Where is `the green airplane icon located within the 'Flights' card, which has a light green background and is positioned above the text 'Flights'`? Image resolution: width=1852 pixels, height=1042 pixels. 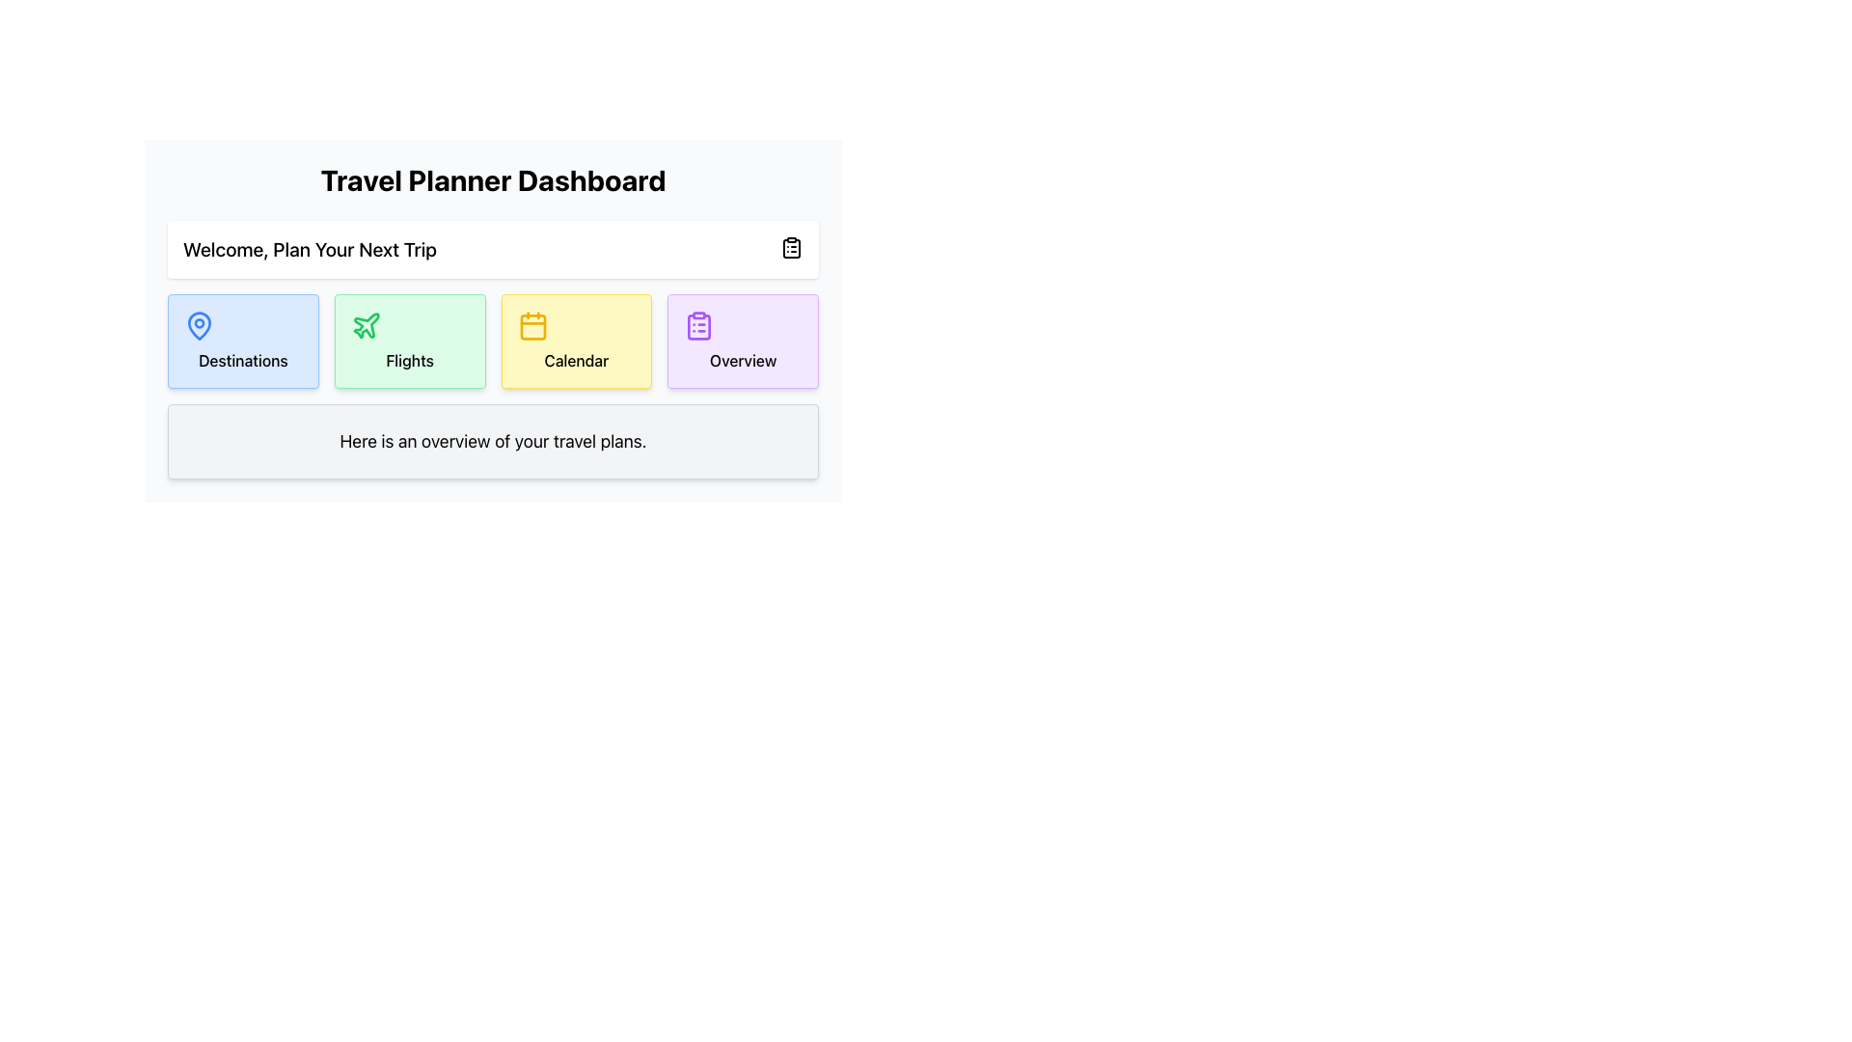 the green airplane icon located within the 'Flights' card, which has a light green background and is positioned above the text 'Flights' is located at coordinates (366, 325).